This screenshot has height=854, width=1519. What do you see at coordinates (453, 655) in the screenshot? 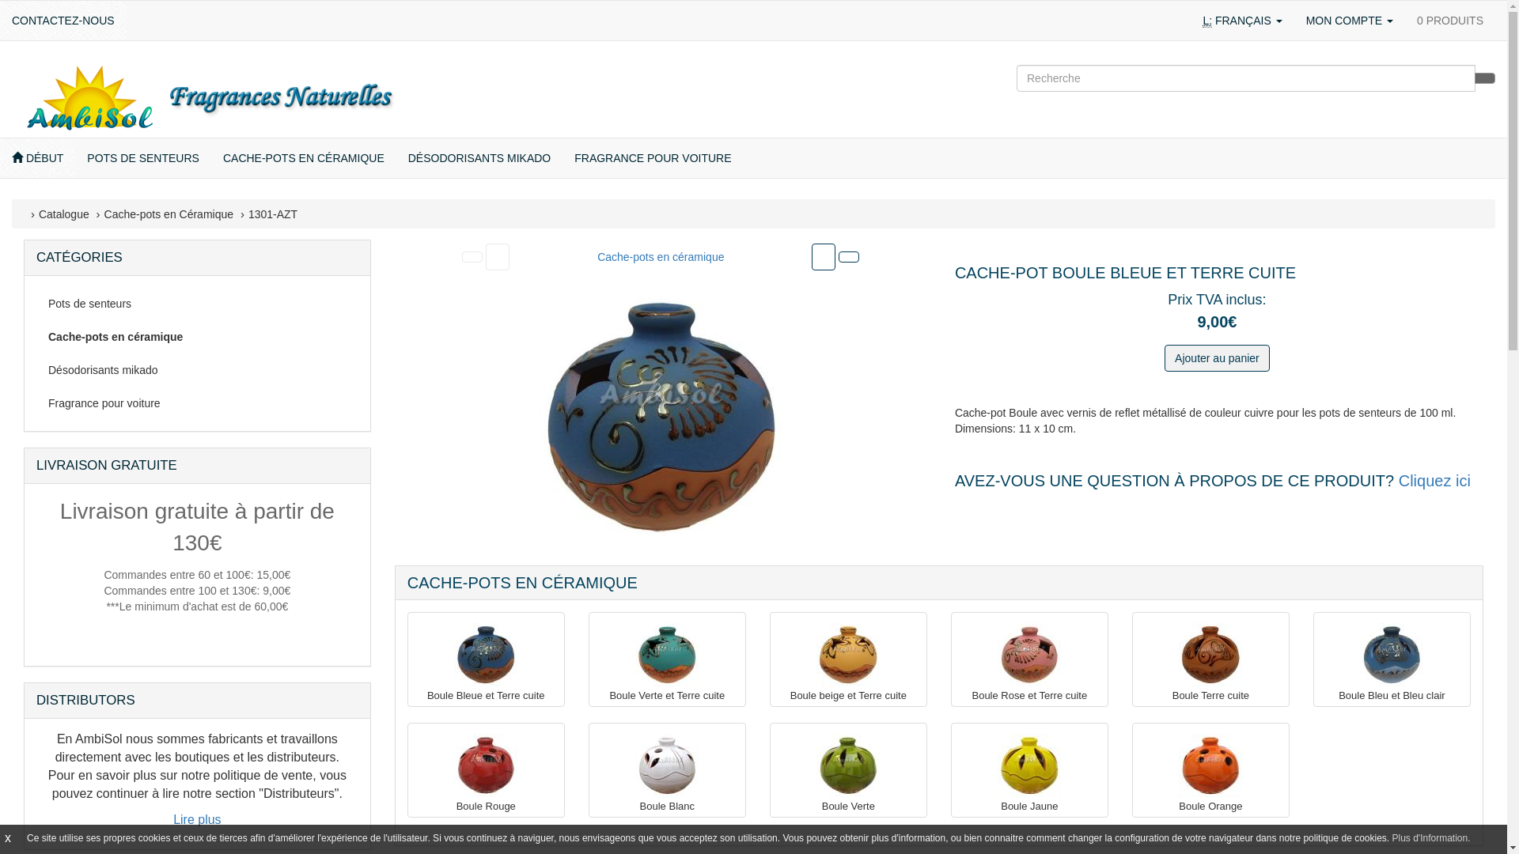
I see `'Boule Bleue et Terre cuite'` at bounding box center [453, 655].